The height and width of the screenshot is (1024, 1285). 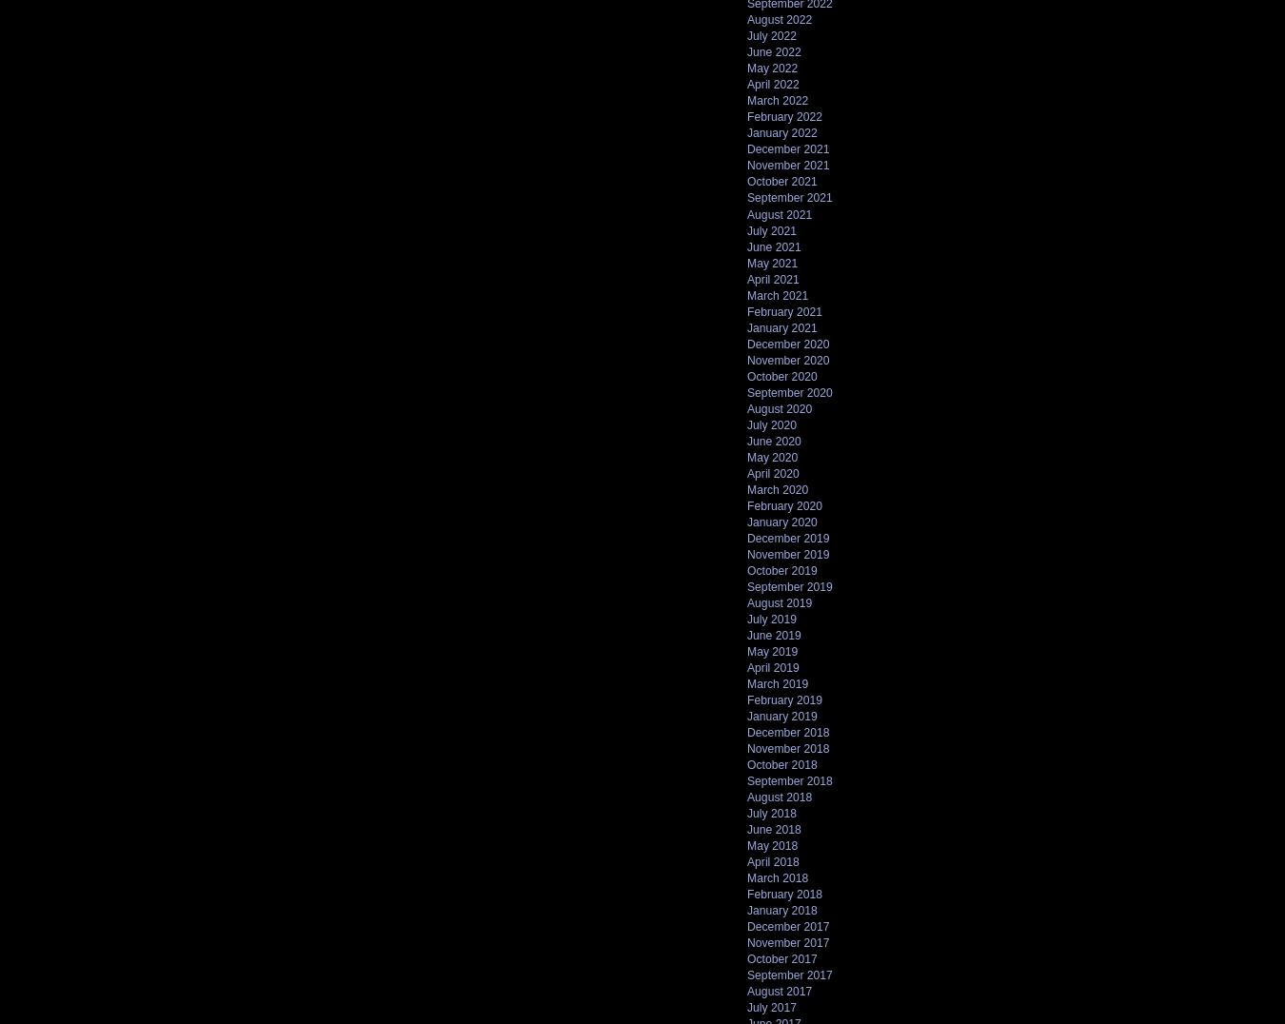 What do you see at coordinates (787, 926) in the screenshot?
I see `'December 2017'` at bounding box center [787, 926].